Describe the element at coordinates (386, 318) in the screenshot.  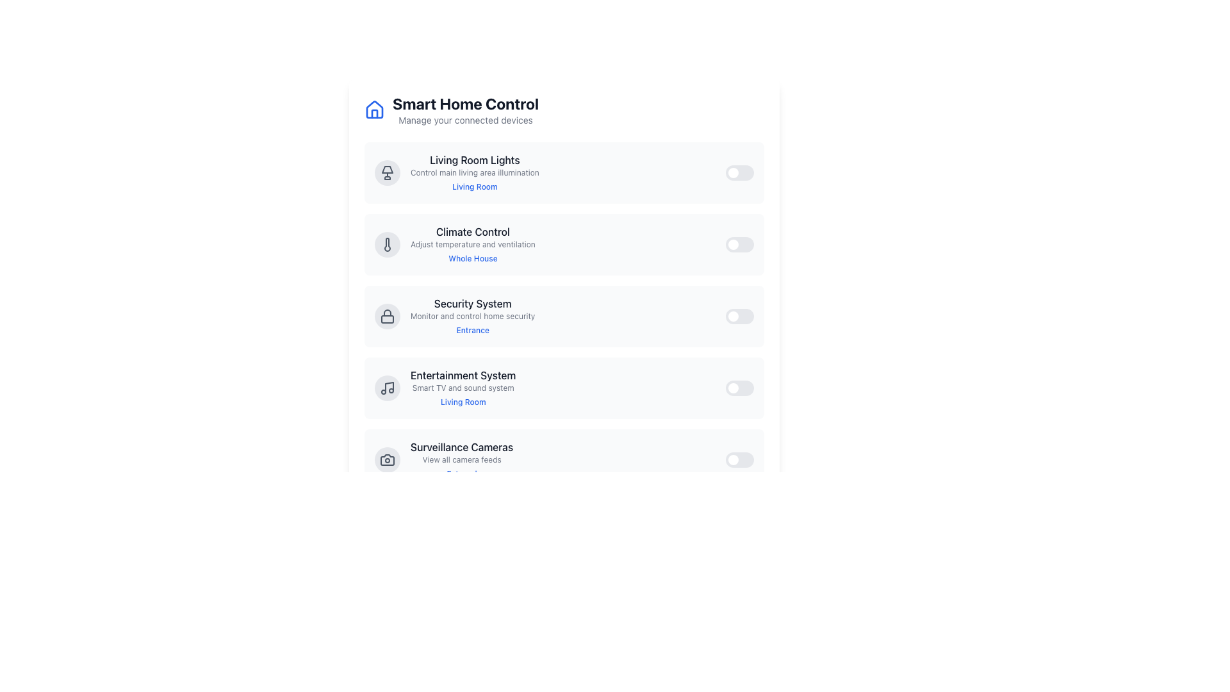
I see `the lower rectangle of the SVG lock icon, which visually represents security or restriction, located to the left of the 'Security System' option in the third row` at that location.